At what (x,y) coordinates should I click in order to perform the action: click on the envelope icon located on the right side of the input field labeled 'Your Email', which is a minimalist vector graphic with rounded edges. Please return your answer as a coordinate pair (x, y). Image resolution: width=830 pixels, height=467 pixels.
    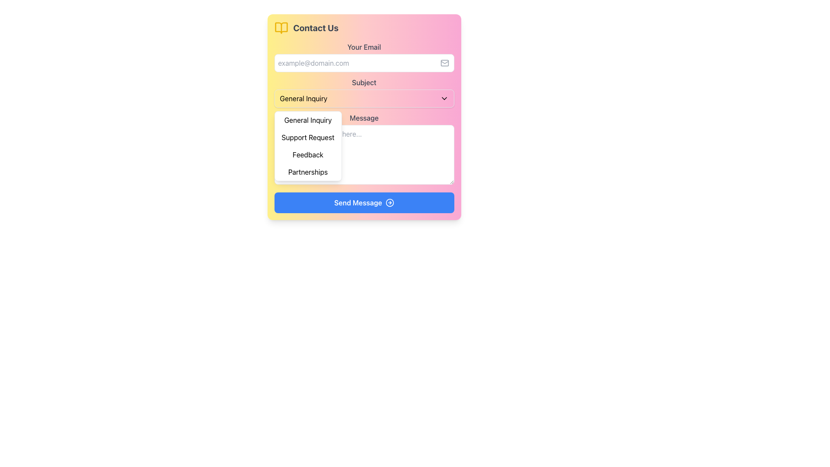
    Looking at the image, I should click on (444, 63).